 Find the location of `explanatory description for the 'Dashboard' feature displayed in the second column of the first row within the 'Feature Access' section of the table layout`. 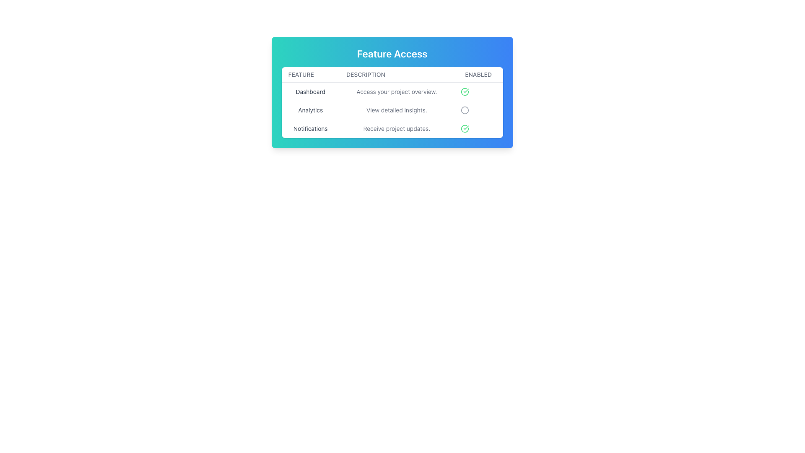

explanatory description for the 'Dashboard' feature displayed in the second column of the first row within the 'Feature Access' section of the table layout is located at coordinates (396, 91).